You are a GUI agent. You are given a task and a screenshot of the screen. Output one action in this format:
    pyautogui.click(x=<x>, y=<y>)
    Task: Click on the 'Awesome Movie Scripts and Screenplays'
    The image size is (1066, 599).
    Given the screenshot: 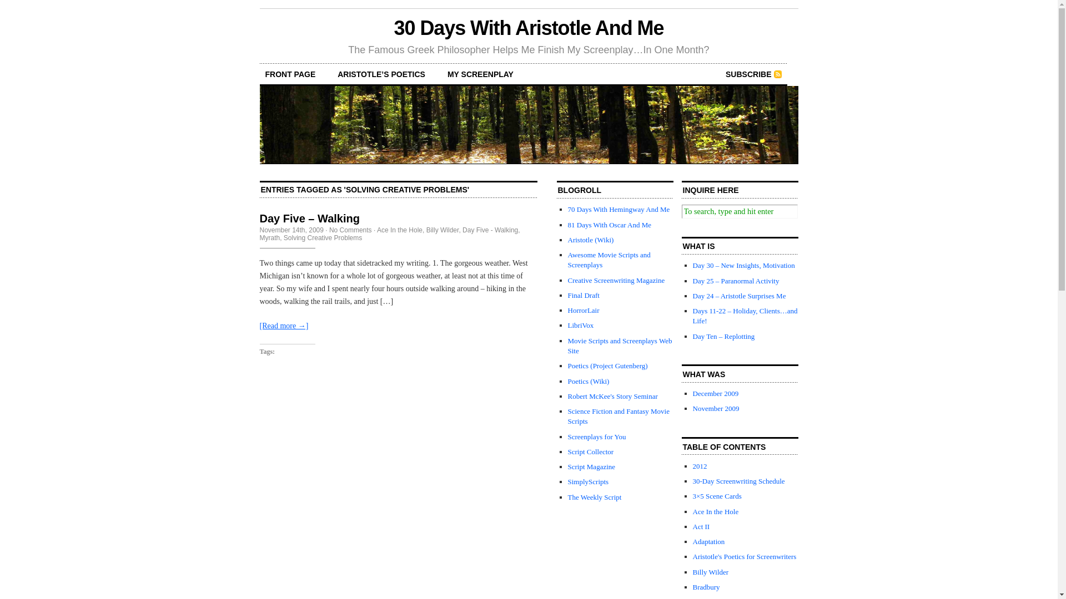 What is the action you would take?
    pyautogui.click(x=608, y=260)
    